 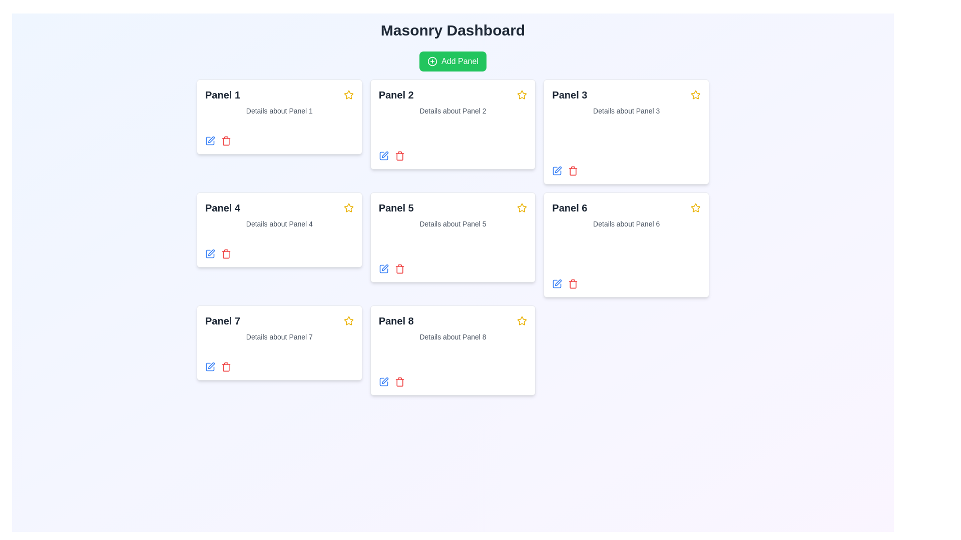 I want to click on the blue pen icon located at the bottom-left of the sixth panel, so click(x=557, y=283).